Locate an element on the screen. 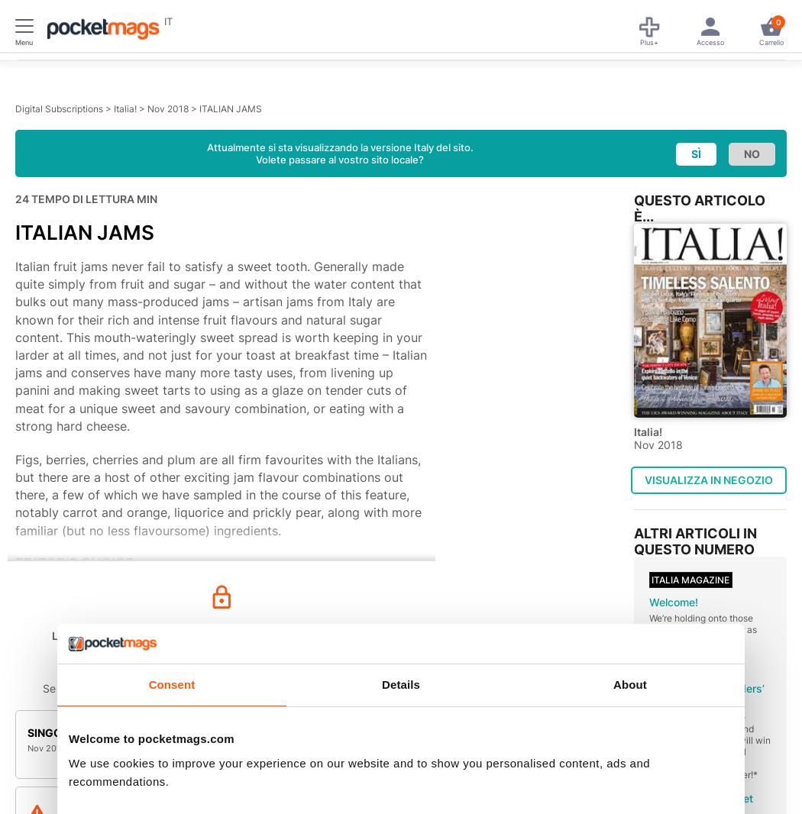 This screenshot has height=814, width=802. 'Volete passare al vostro sito locale?' is located at coordinates (255, 159).